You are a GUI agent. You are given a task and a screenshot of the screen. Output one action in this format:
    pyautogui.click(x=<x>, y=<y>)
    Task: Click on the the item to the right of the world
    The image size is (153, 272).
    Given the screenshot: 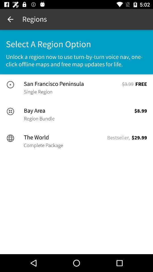 What is the action you would take?
    pyautogui.click(x=118, y=137)
    